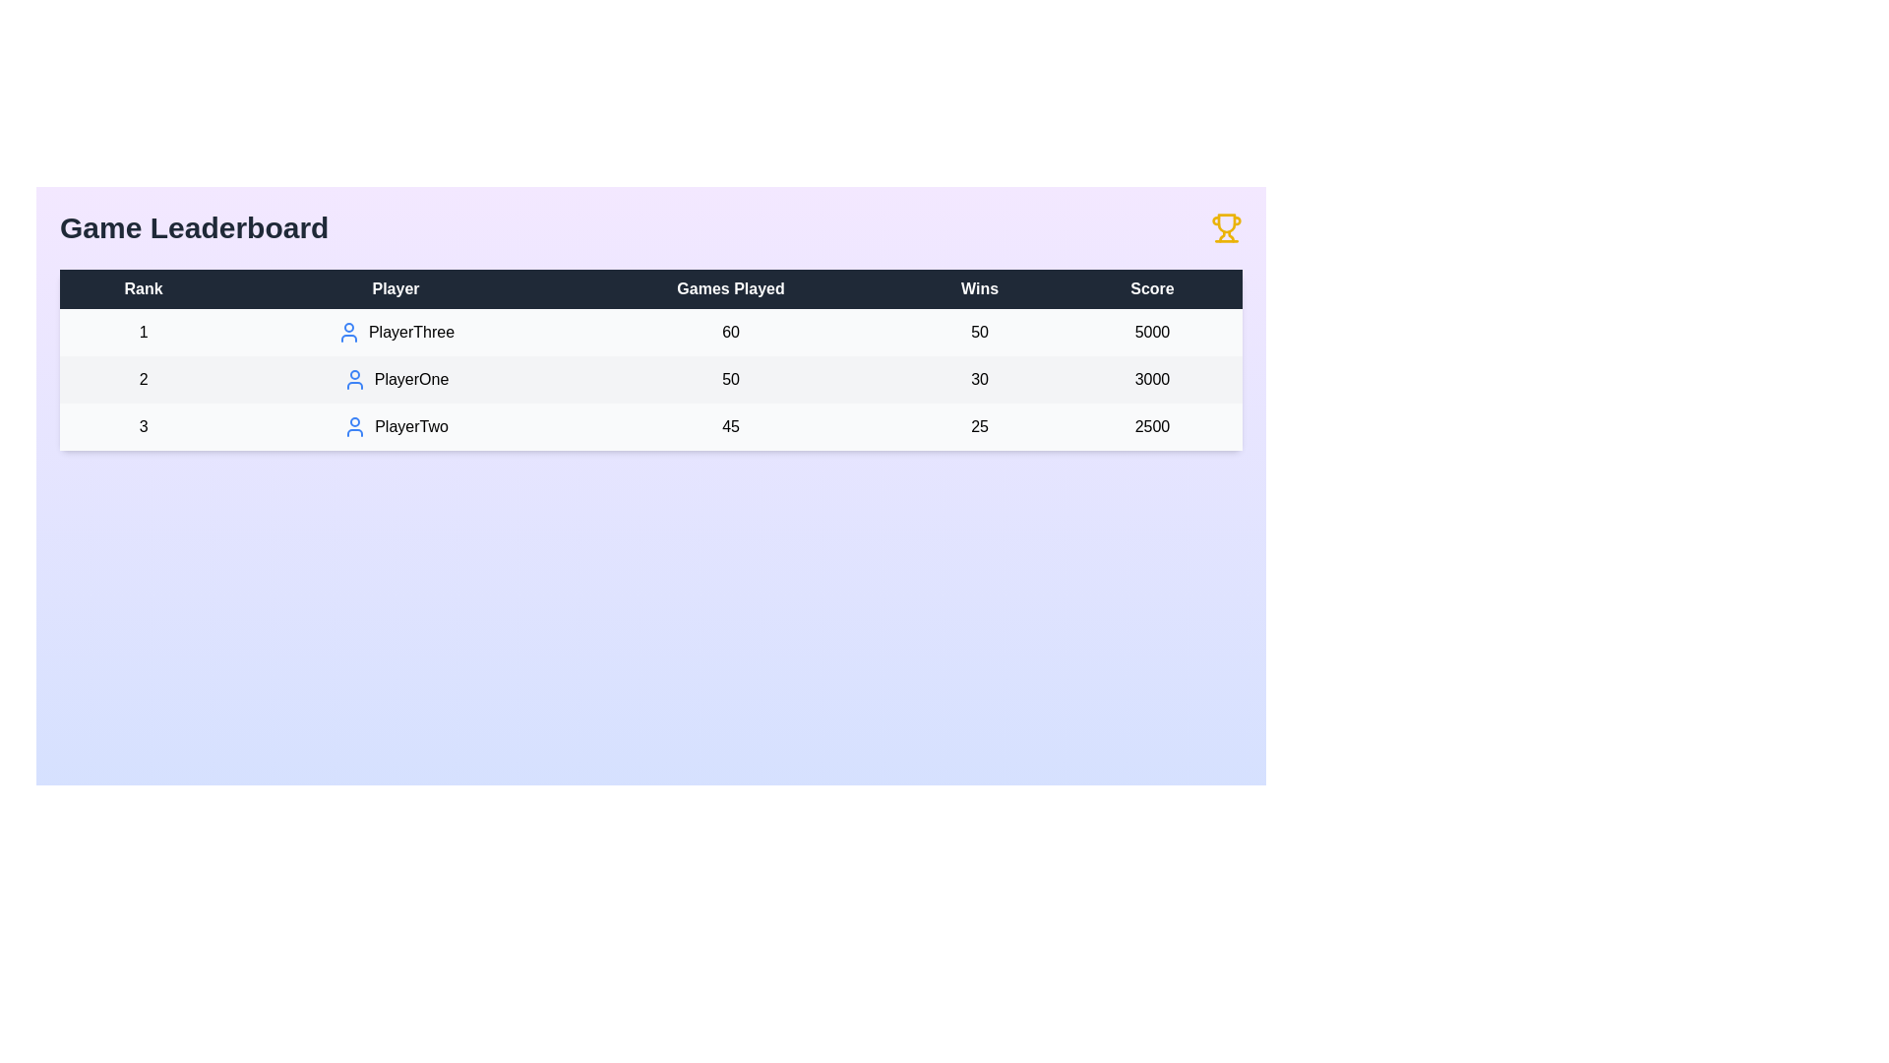  What do you see at coordinates (651, 332) in the screenshot?
I see `the first row of the leaderboard table displaying player details` at bounding box center [651, 332].